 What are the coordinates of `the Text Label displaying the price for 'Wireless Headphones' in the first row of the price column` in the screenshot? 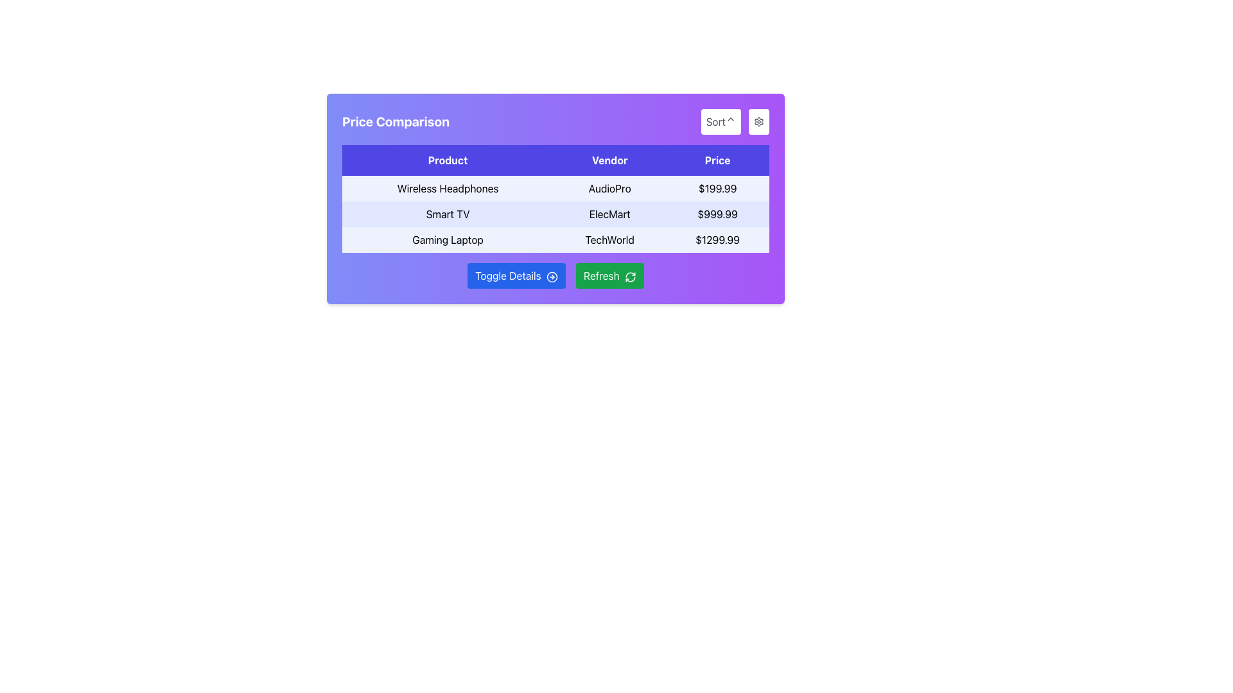 It's located at (717, 188).